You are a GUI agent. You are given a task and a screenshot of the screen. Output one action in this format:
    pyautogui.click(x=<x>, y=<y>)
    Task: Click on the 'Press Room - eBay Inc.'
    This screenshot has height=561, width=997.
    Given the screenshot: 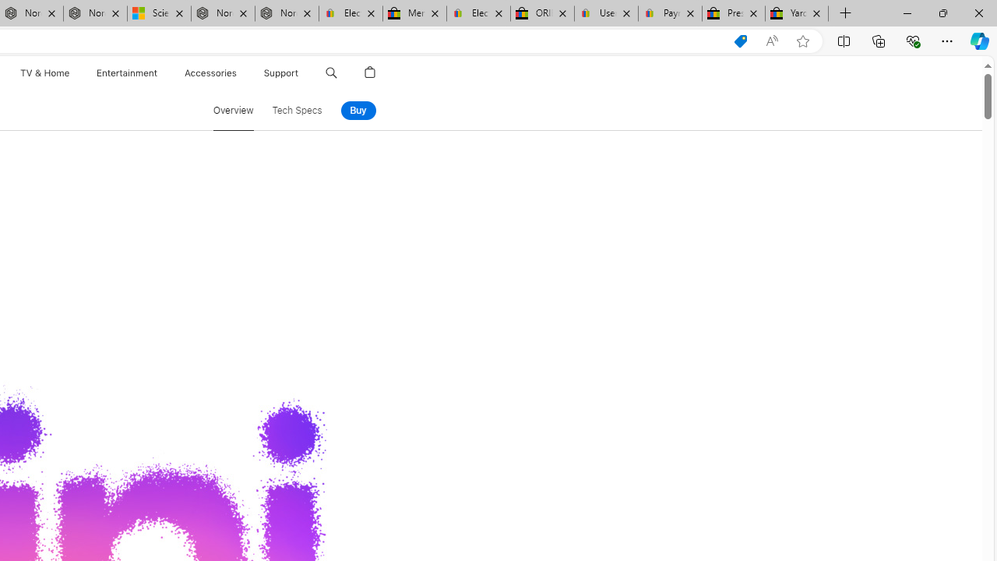 What is the action you would take?
    pyautogui.click(x=733, y=13)
    